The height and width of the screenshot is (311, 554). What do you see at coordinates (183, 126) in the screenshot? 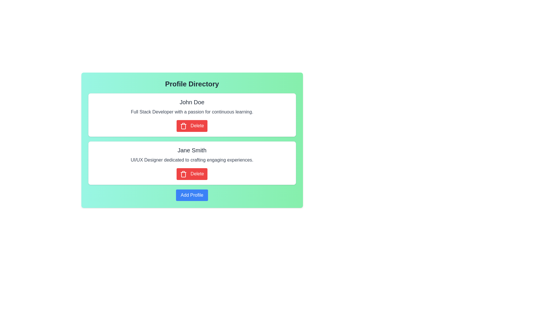
I see `the trash can SVG icon within the red 'Delete' button, which executes the deletion function for the first user profile in the Profile Directory interface` at bounding box center [183, 126].